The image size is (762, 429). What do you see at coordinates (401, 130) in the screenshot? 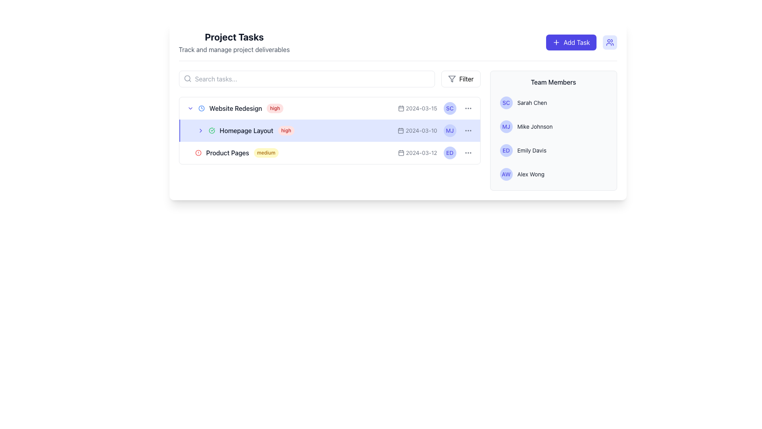
I see `the SVG rectangle element that represents a calendar icon, located to the right of the date text '2024-03-10' in the tasks list of the Homepage Layout` at bounding box center [401, 130].